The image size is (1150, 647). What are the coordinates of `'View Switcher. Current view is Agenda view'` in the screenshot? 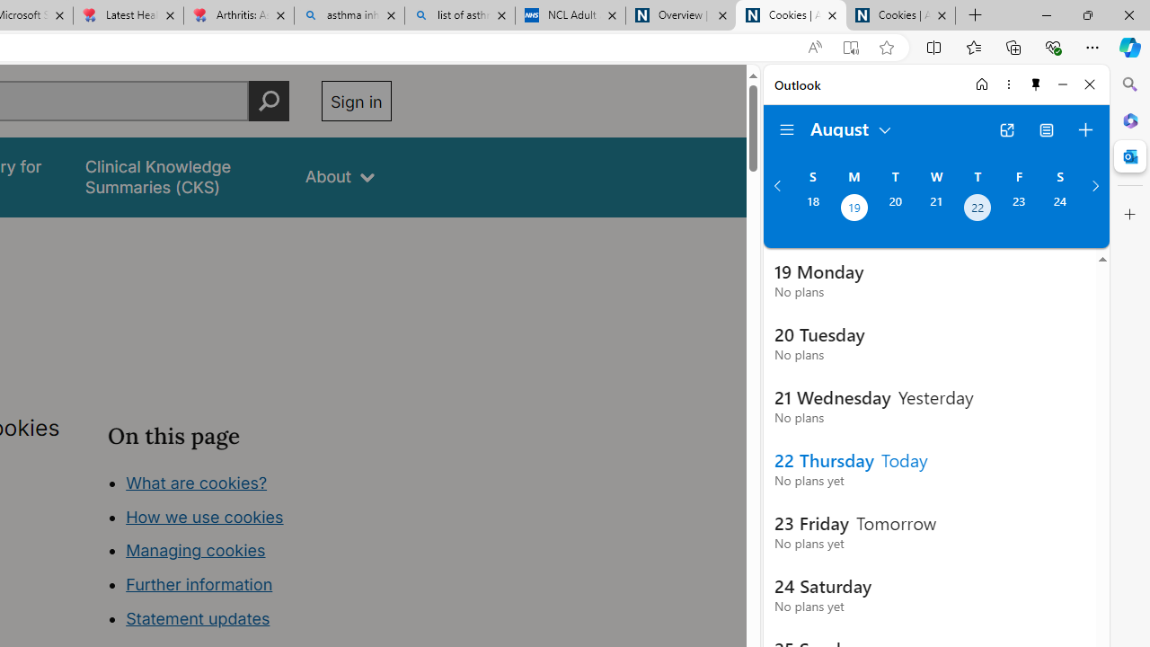 It's located at (1047, 129).